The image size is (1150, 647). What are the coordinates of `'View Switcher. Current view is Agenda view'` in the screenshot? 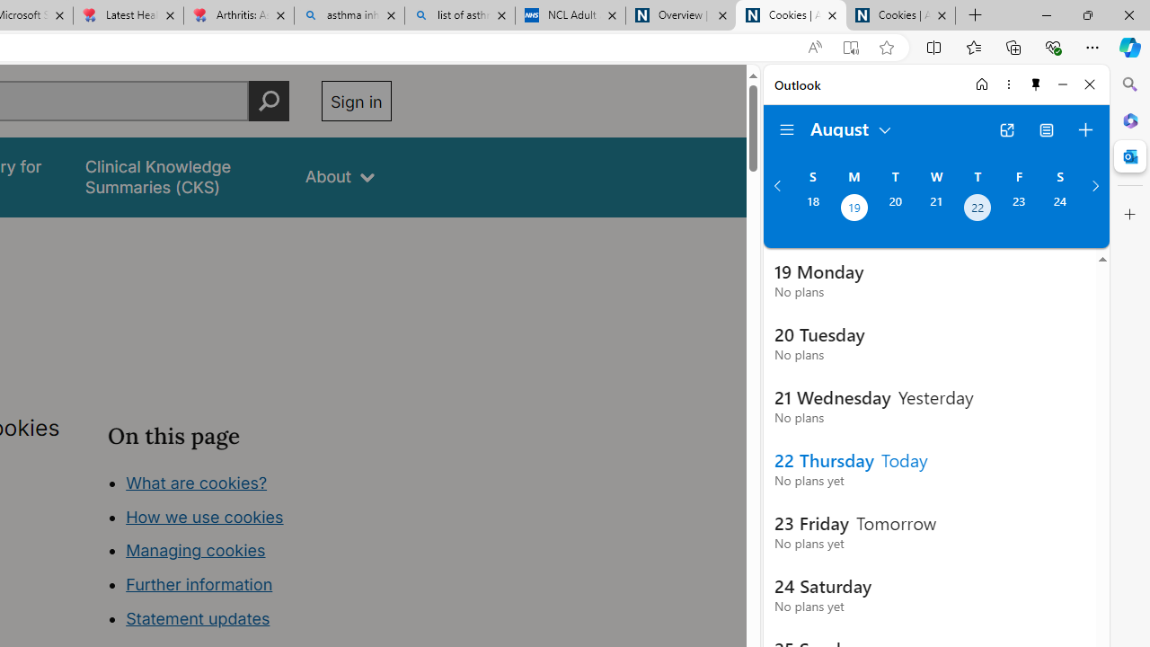 It's located at (1047, 129).